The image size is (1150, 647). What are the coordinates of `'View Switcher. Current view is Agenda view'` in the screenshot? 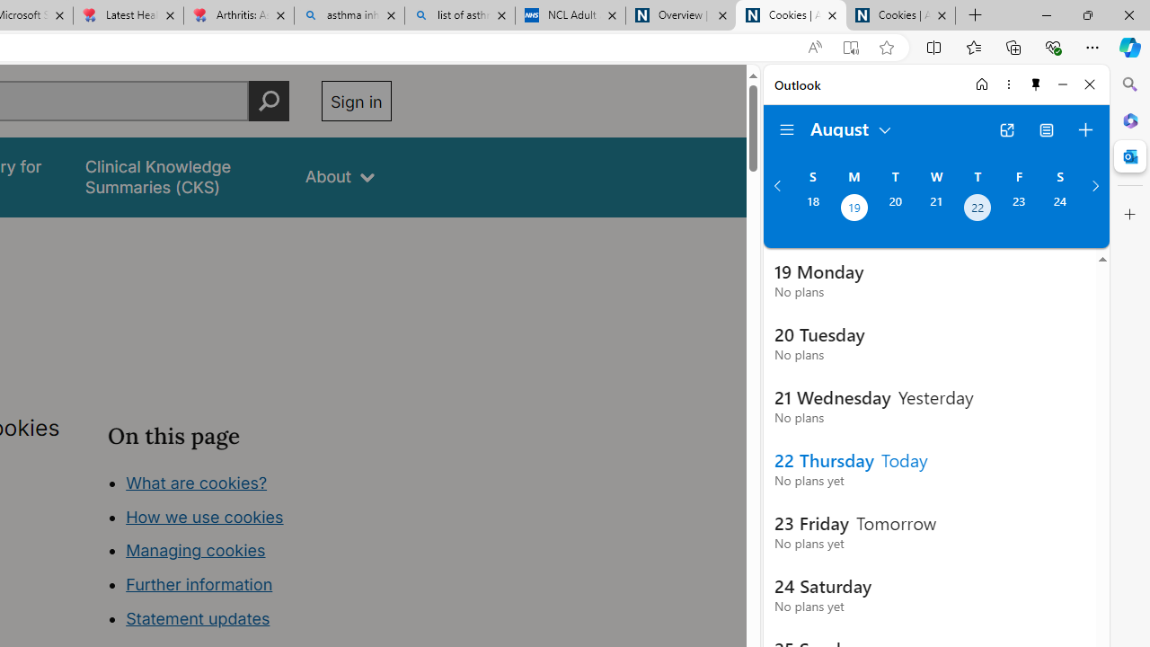 It's located at (1047, 129).